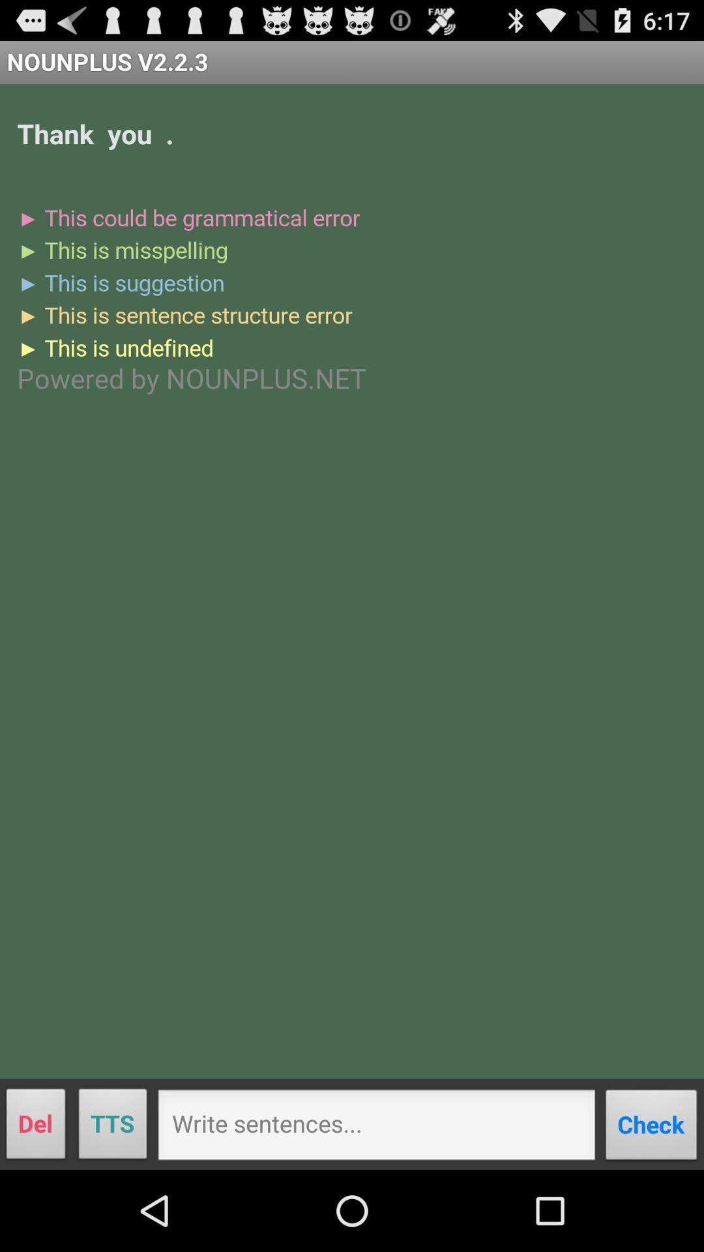 Image resolution: width=704 pixels, height=1252 pixels. What do you see at coordinates (376, 1128) in the screenshot?
I see `write sentences` at bounding box center [376, 1128].